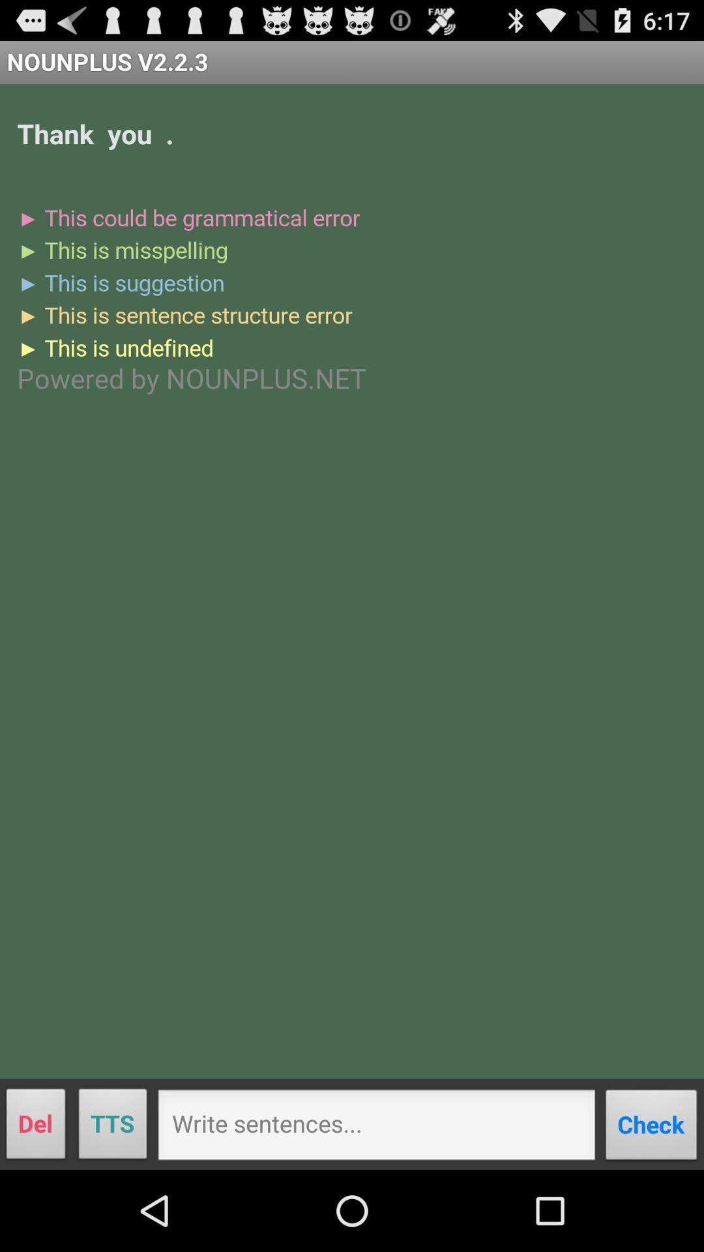 Image resolution: width=704 pixels, height=1252 pixels. What do you see at coordinates (376, 1128) in the screenshot?
I see `write sentences` at bounding box center [376, 1128].